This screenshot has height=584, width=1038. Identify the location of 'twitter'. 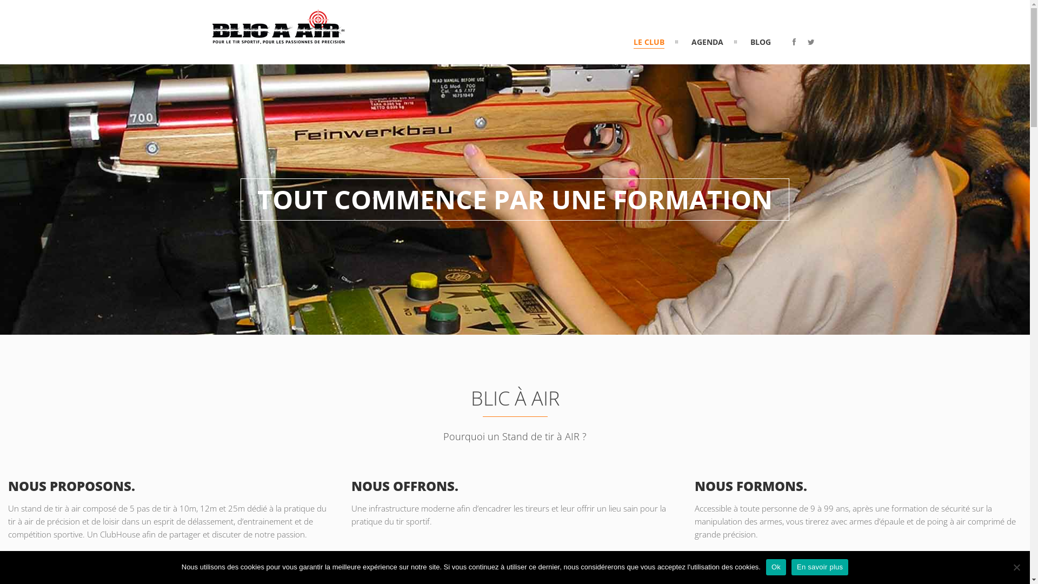
(811, 41).